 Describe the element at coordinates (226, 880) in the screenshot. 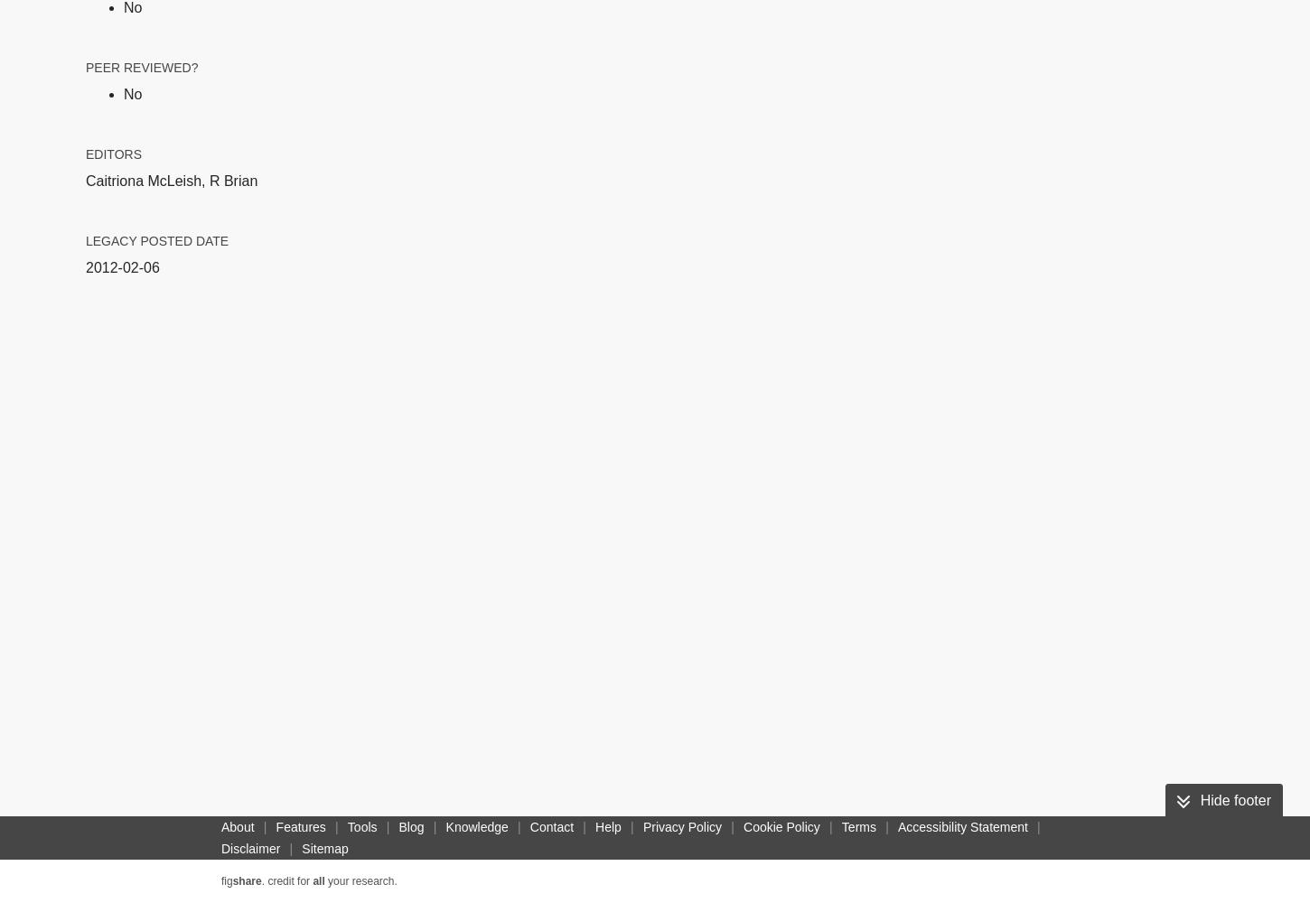

I see `'fig'` at that location.